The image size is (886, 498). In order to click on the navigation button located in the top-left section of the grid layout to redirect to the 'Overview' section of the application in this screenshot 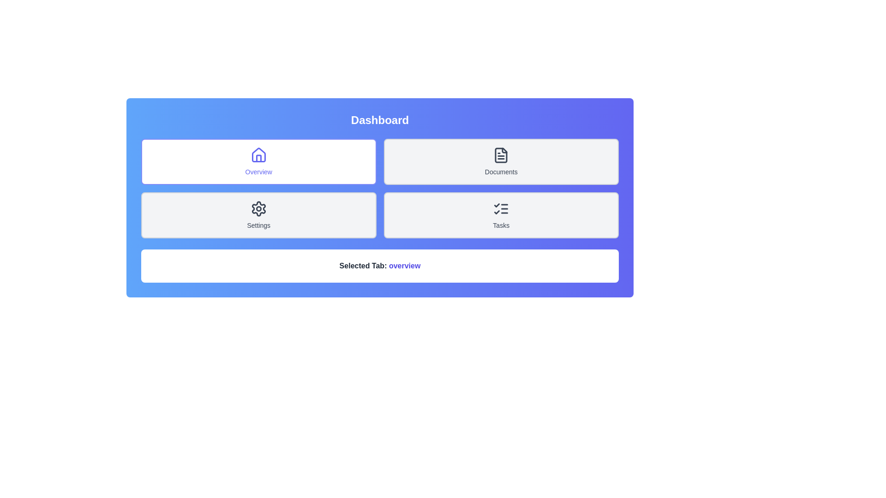, I will do `click(258, 161)`.